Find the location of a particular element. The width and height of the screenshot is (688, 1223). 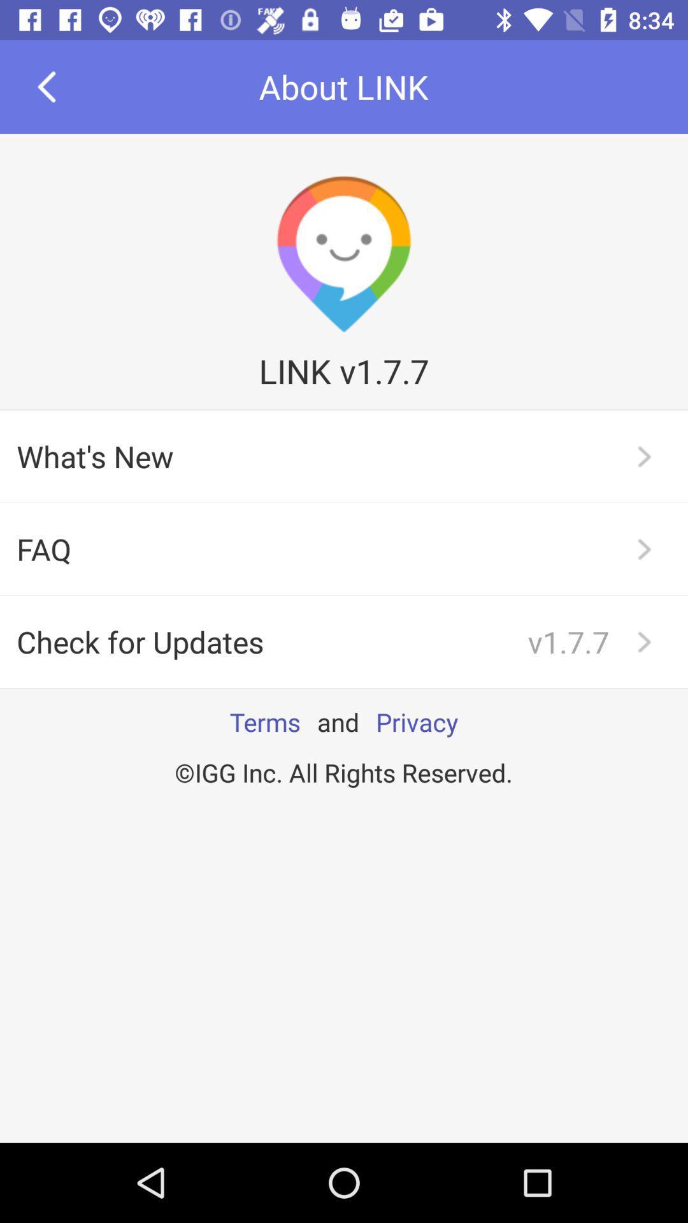

the privacy item is located at coordinates (417, 722).